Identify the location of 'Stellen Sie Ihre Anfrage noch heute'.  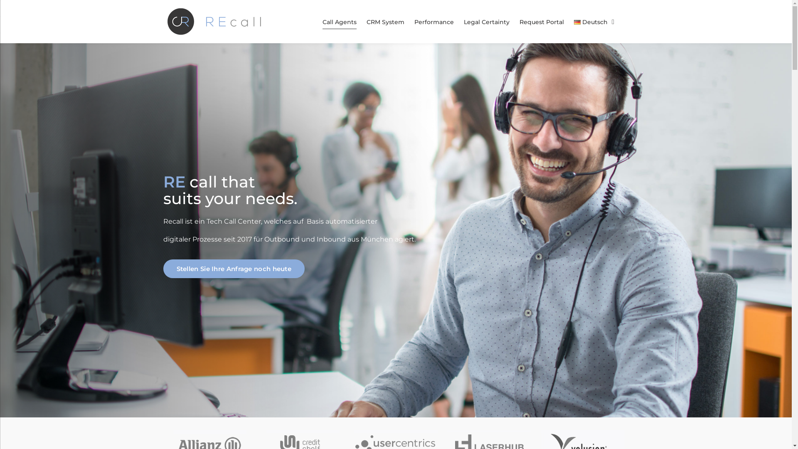
(233, 269).